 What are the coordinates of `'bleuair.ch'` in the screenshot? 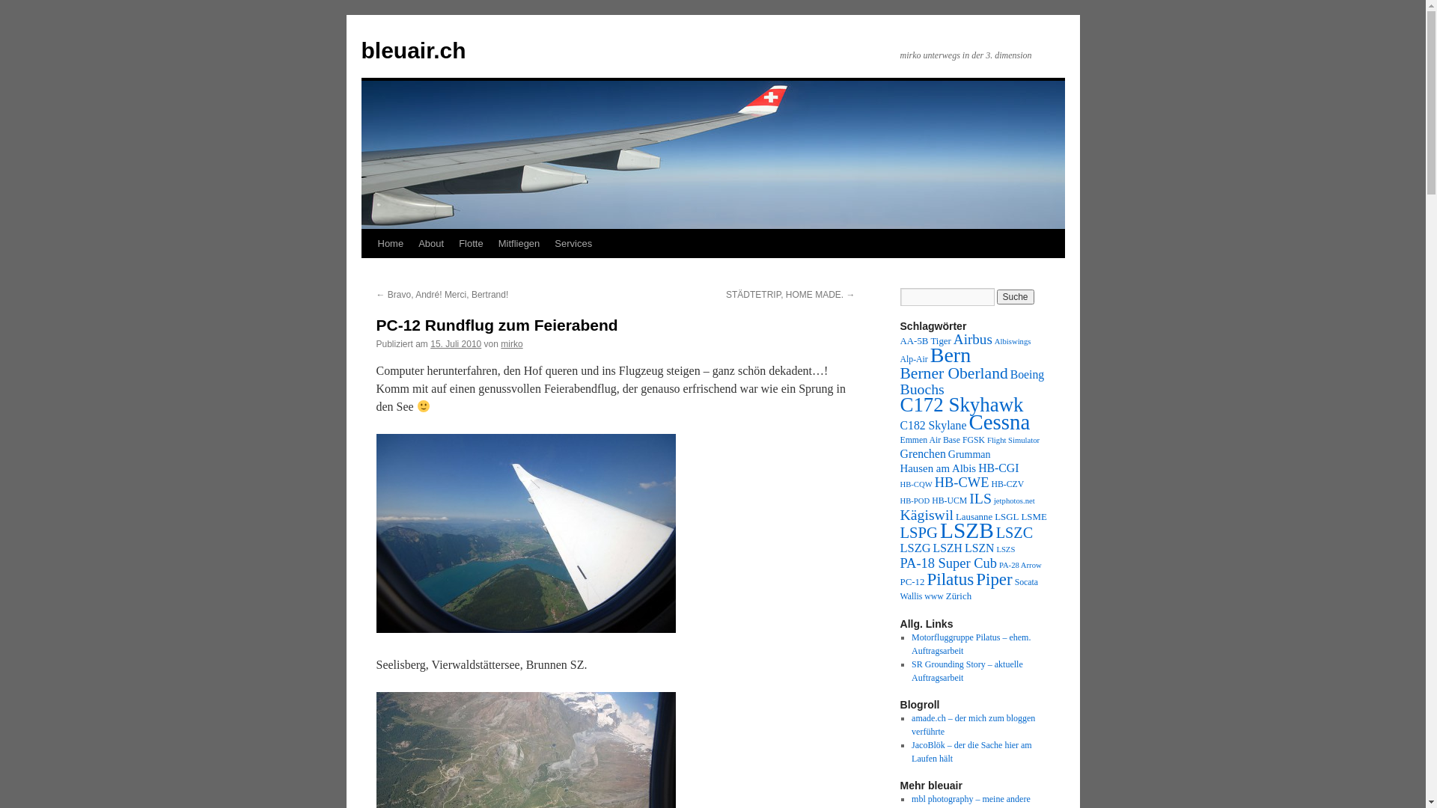 It's located at (413, 49).